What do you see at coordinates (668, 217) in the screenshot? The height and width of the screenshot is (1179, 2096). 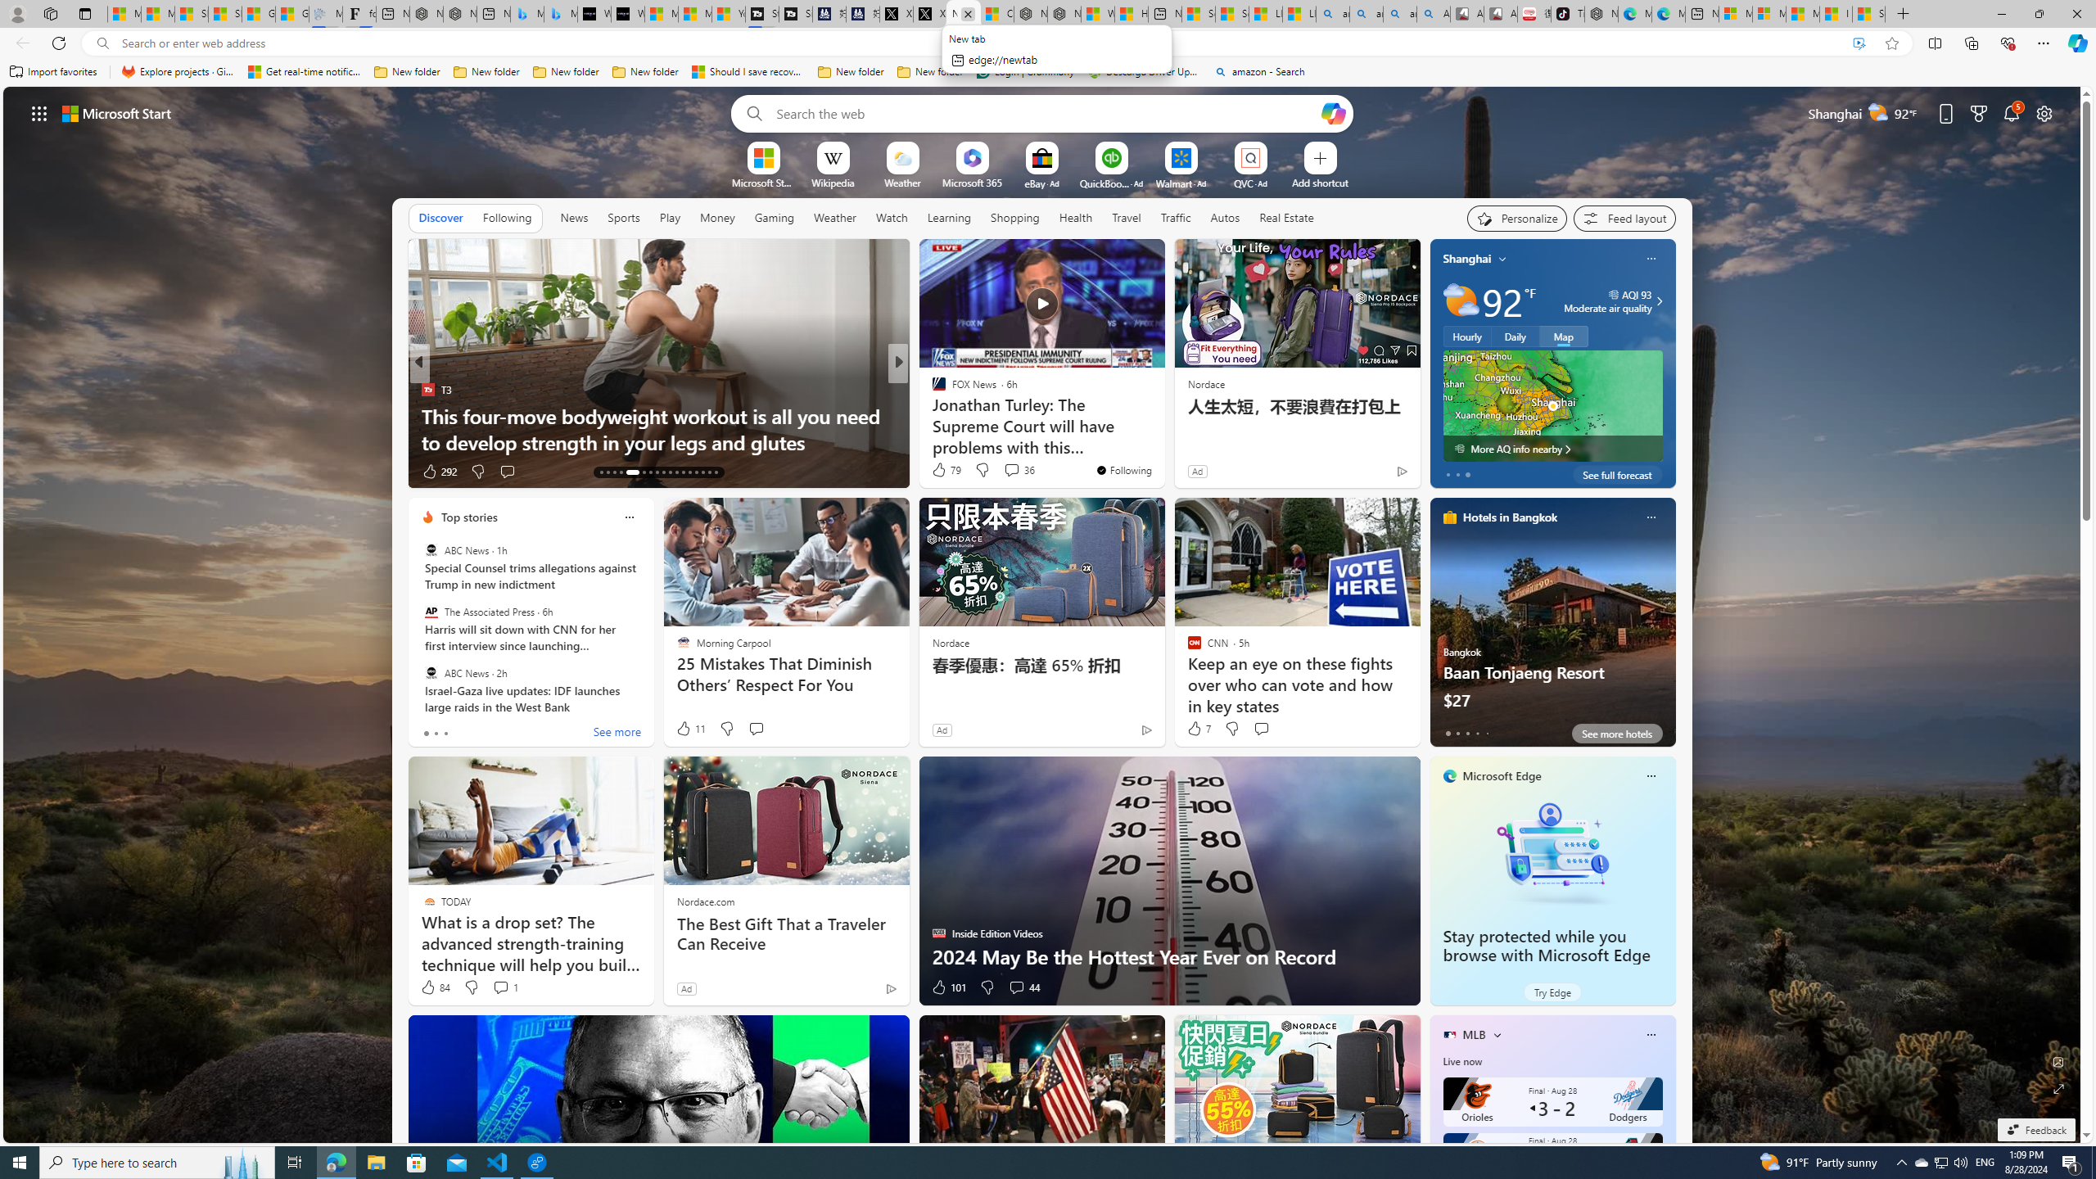 I see `'Play'` at bounding box center [668, 217].